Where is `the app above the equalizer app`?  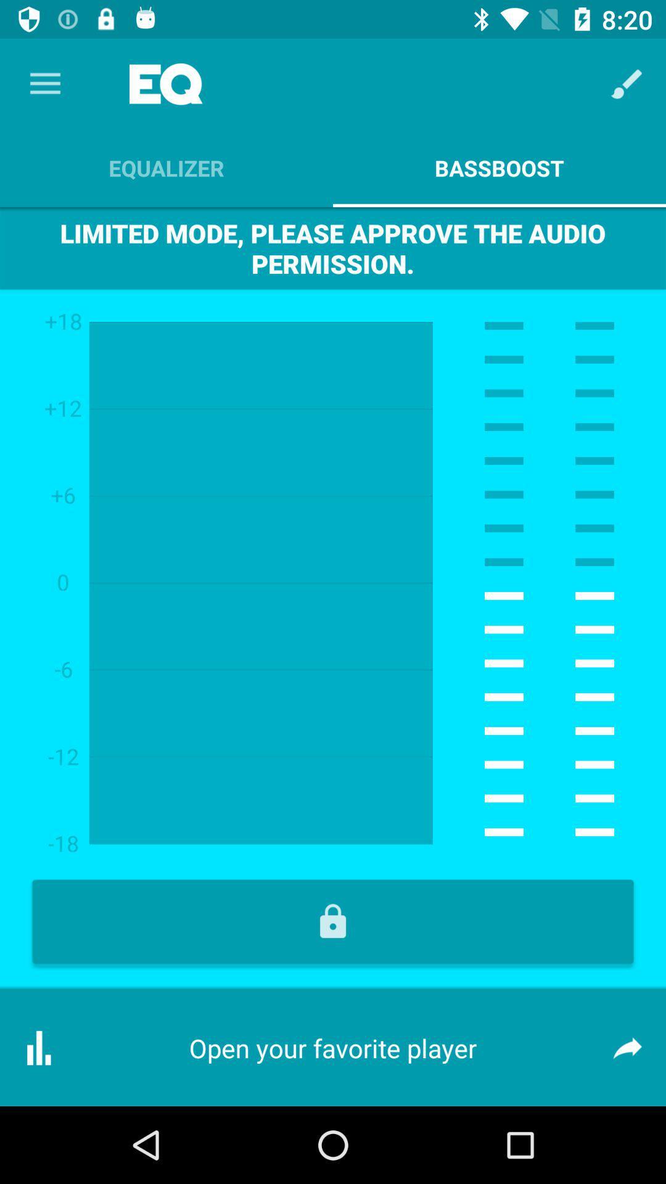 the app above the equalizer app is located at coordinates (44, 83).